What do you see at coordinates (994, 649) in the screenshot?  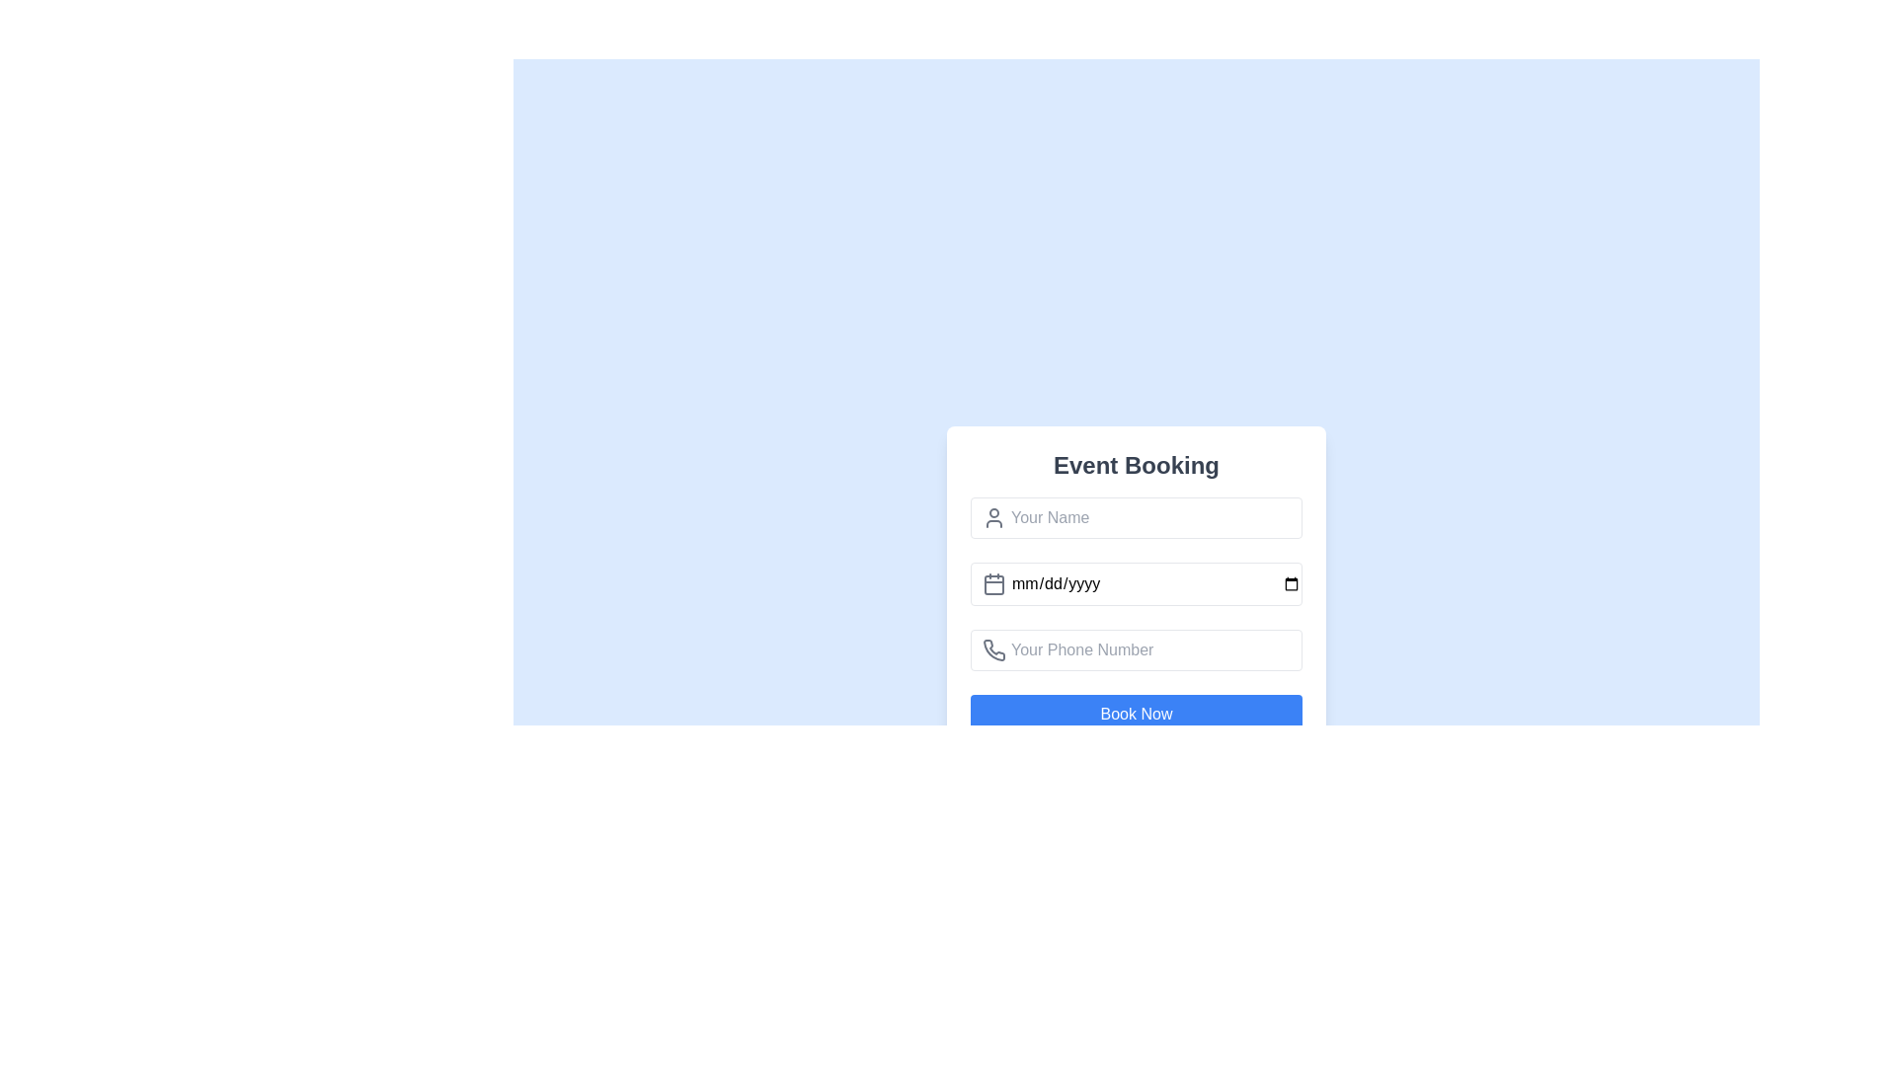 I see `the phone handset icon, which is a minimalistic gray outline located to the left of the phone number input field` at bounding box center [994, 649].